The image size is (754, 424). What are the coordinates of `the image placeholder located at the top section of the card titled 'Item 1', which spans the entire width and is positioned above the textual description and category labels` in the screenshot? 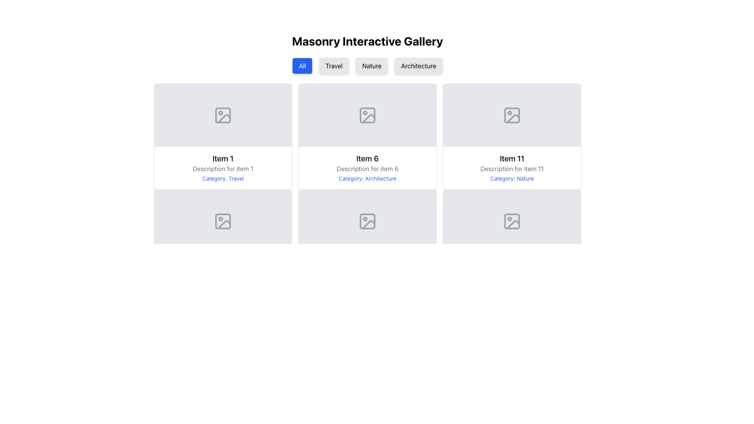 It's located at (222, 115).